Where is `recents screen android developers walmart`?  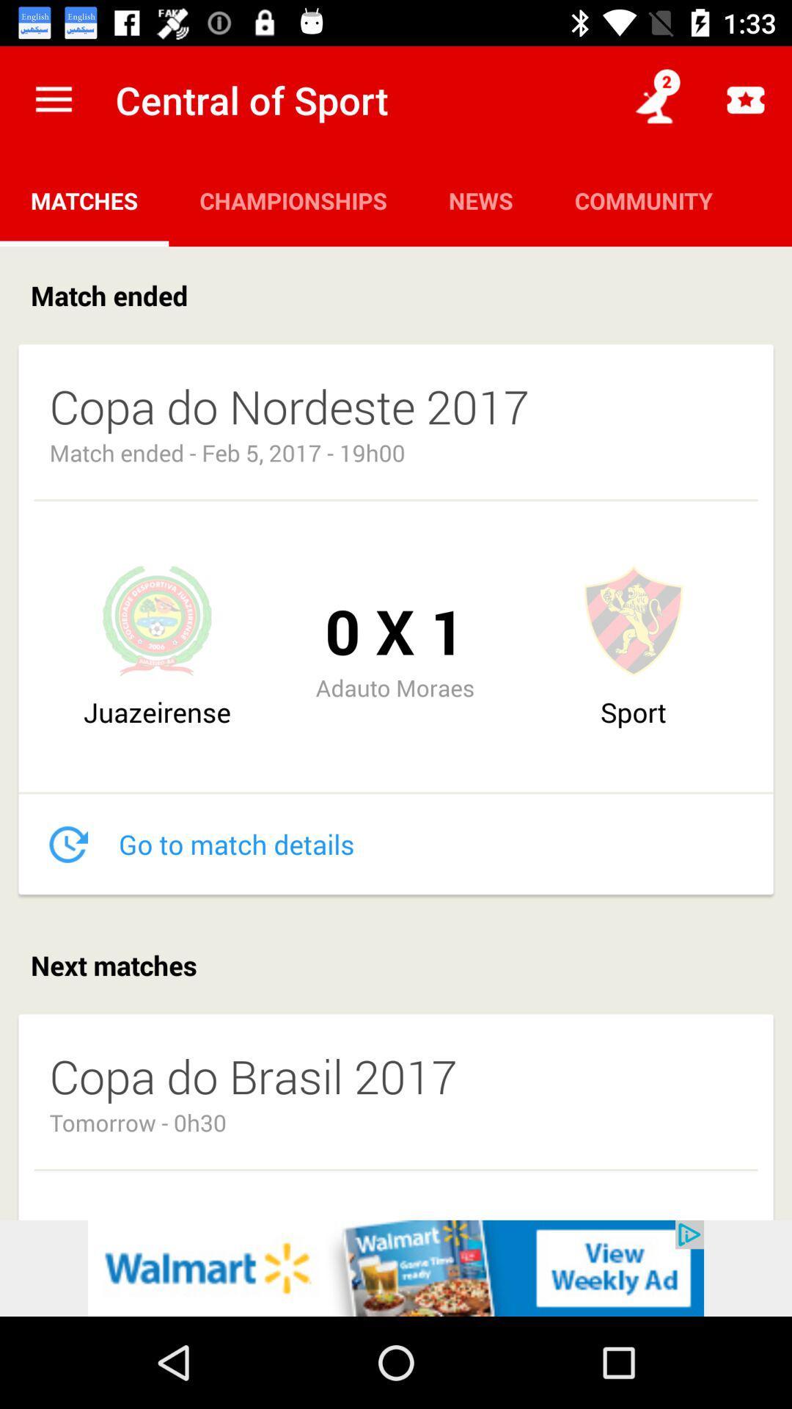 recents screen android developers walmart is located at coordinates (396, 1267).